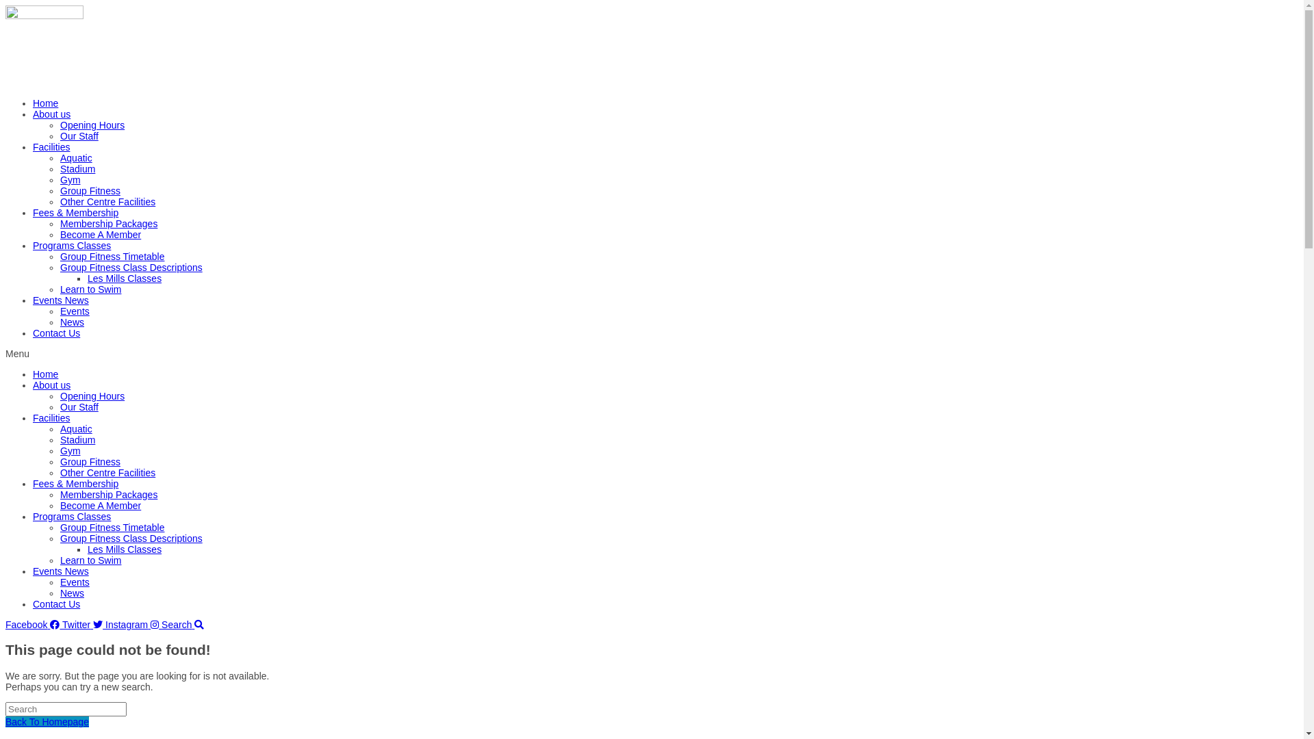 This screenshot has height=739, width=1314. Describe the element at coordinates (89, 190) in the screenshot. I see `'Group Fitness'` at that location.